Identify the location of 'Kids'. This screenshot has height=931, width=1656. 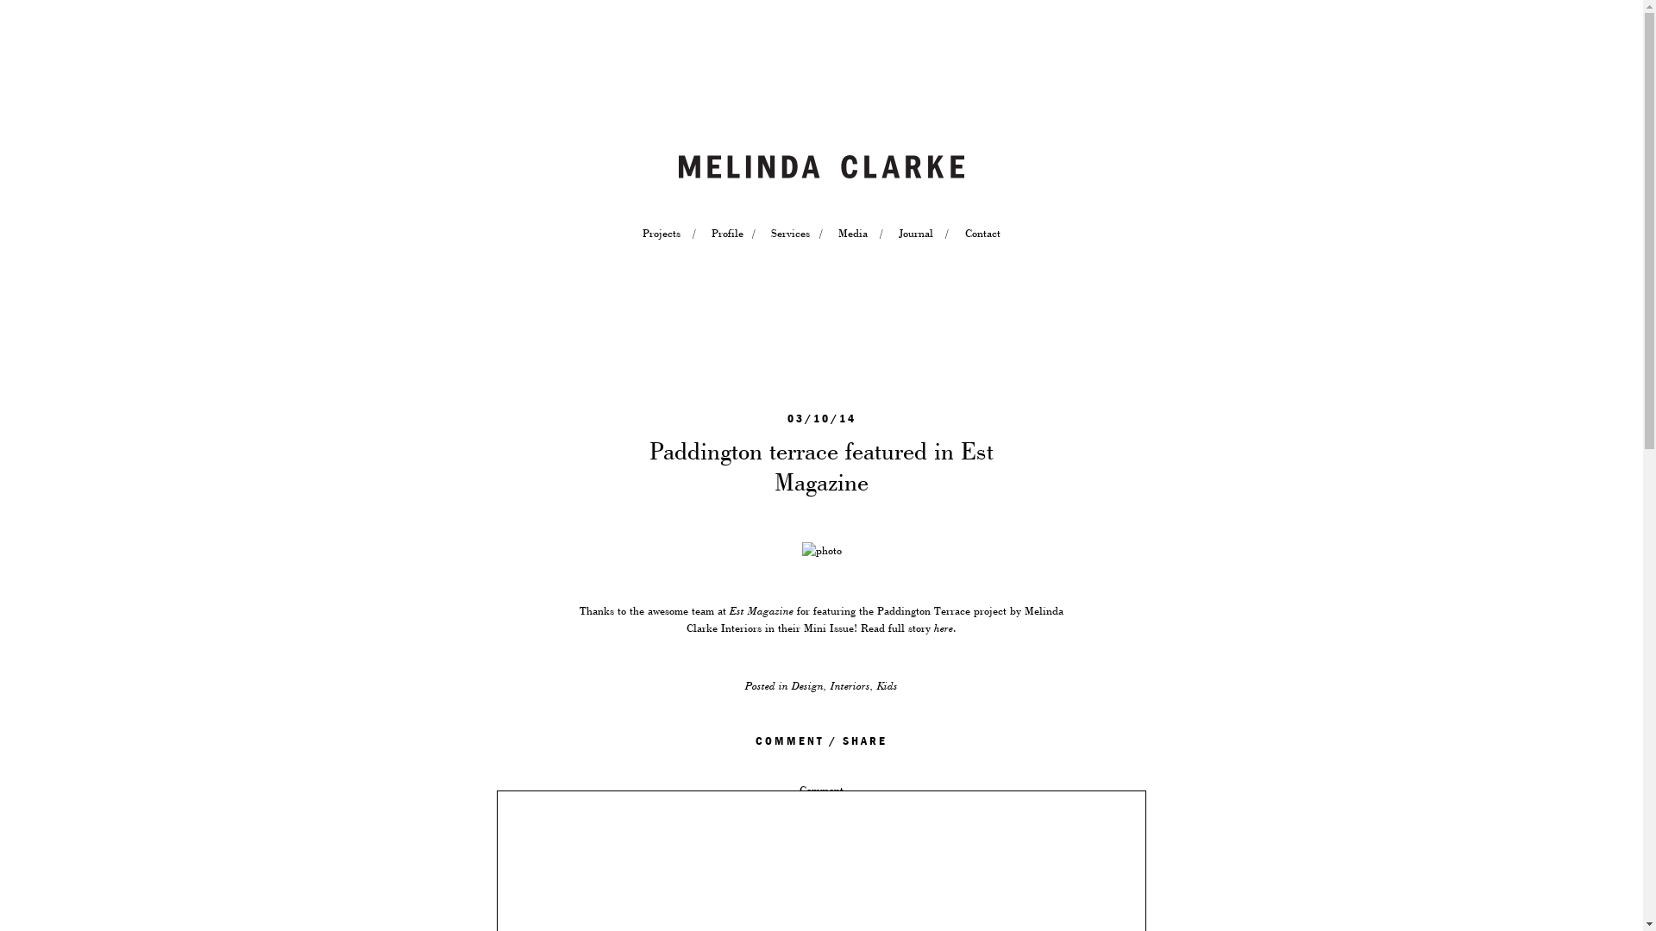
(877, 684).